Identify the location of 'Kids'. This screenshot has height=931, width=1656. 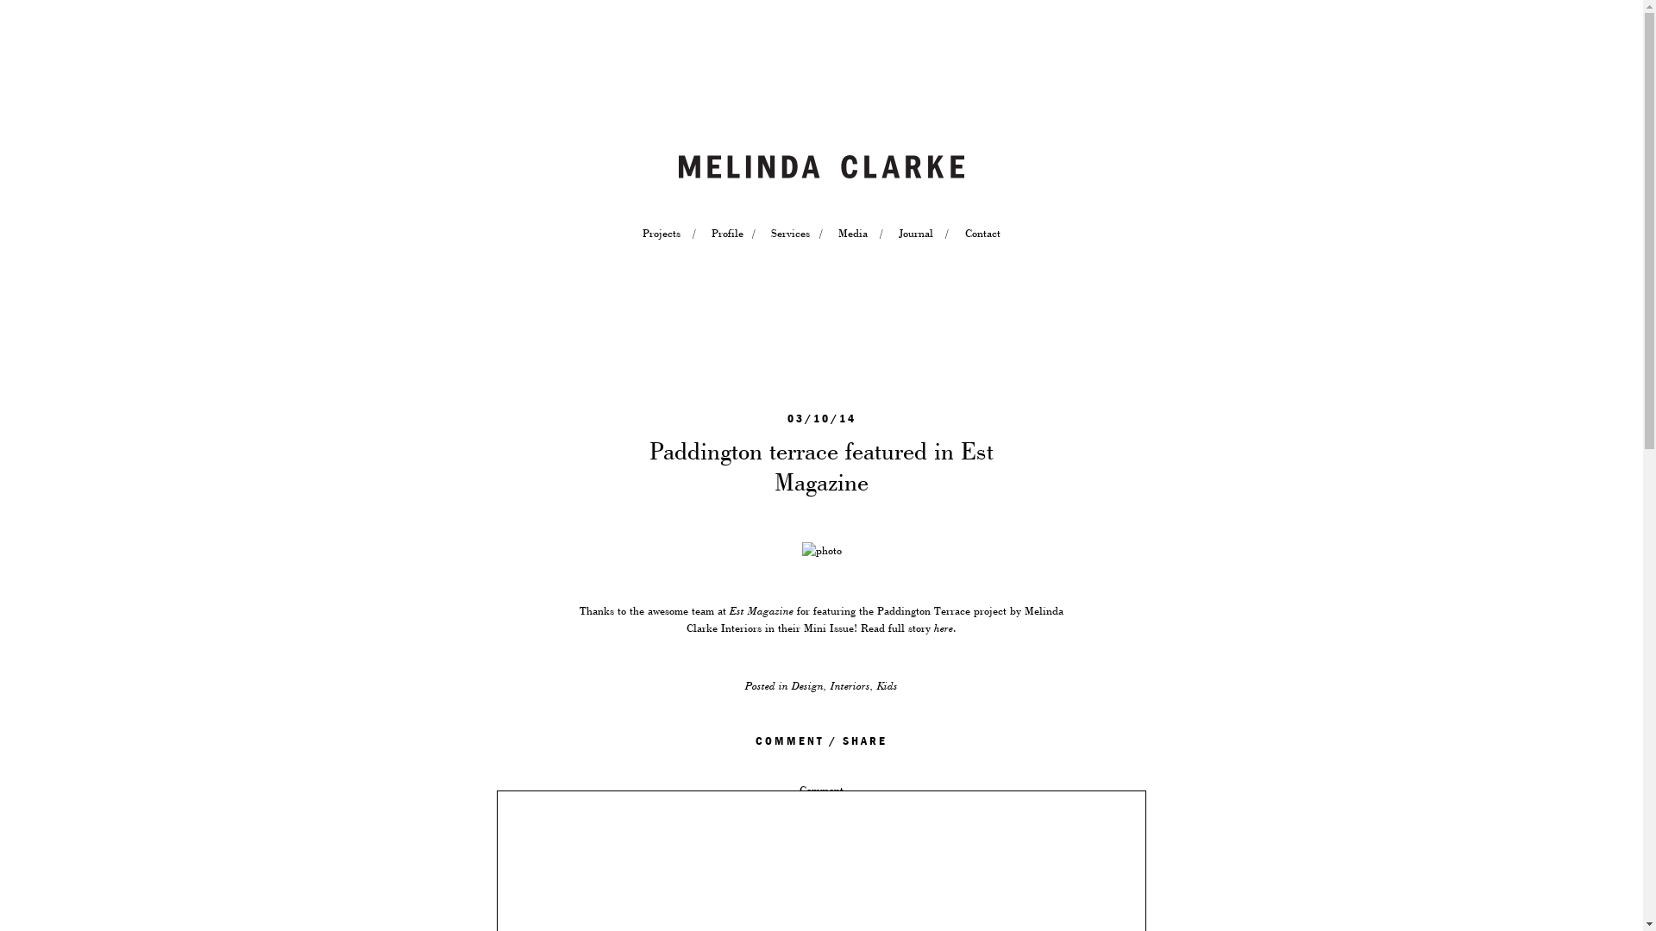
(877, 684).